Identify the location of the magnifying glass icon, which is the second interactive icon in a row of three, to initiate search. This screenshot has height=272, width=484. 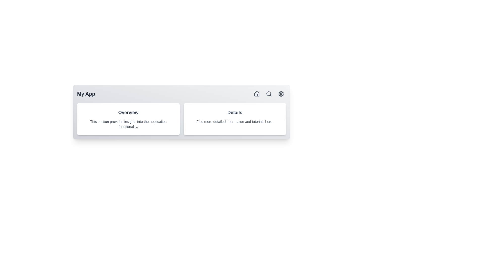
(268, 94).